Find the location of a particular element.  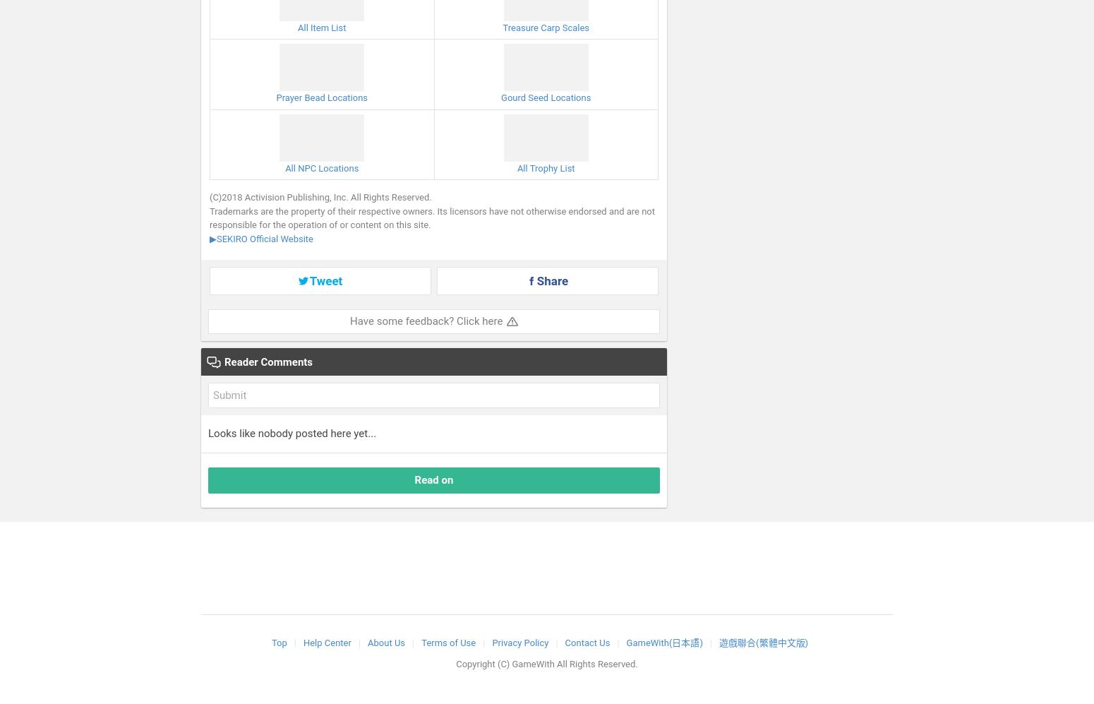

'Treasure Carp Scales' is located at coordinates (546, 27).